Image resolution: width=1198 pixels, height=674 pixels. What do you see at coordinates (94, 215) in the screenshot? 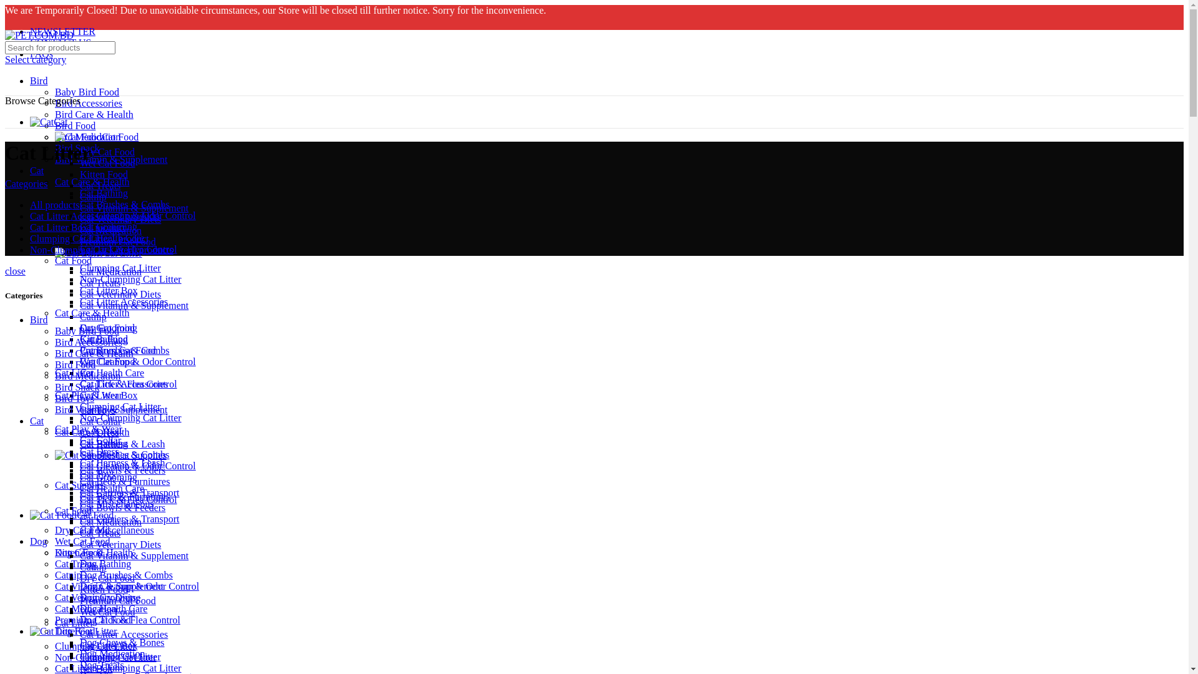
I see `'Cat Litter Accessories2 products'` at bounding box center [94, 215].